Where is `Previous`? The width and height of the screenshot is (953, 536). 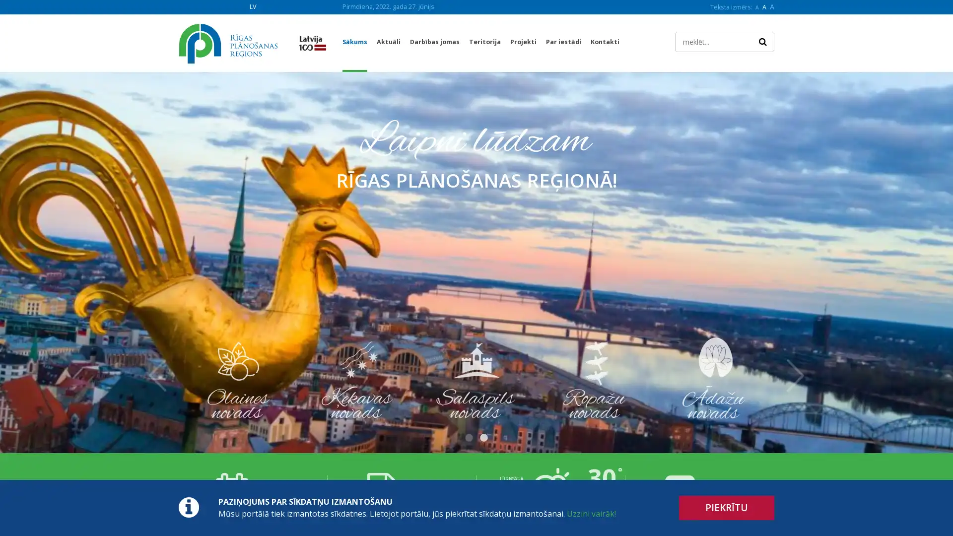
Previous is located at coordinates (157, 375).